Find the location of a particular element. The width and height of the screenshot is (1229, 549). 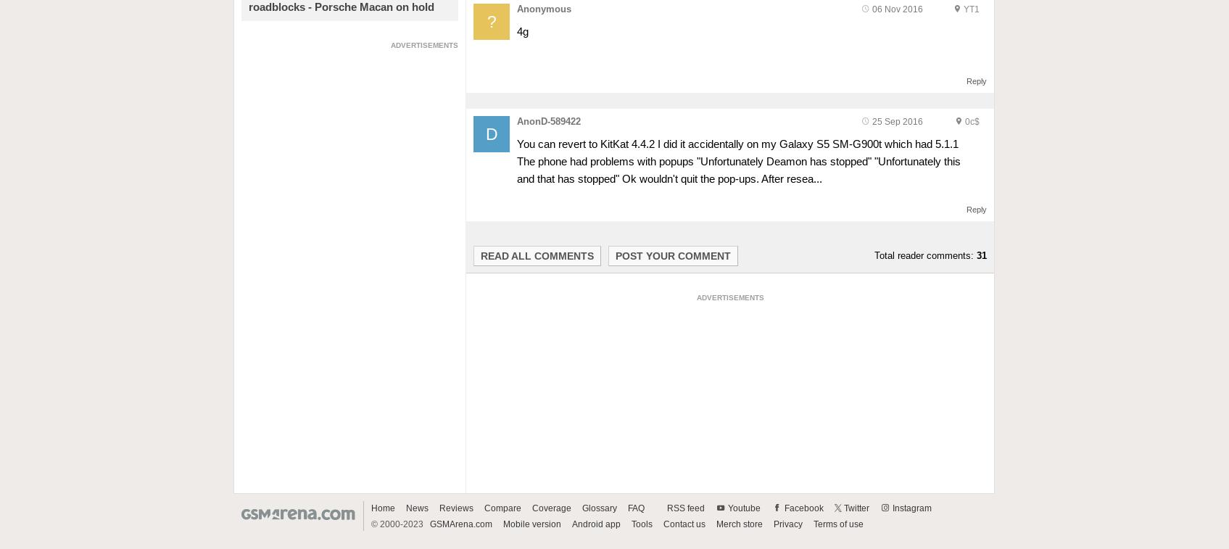

'FAQ' is located at coordinates (635, 507).